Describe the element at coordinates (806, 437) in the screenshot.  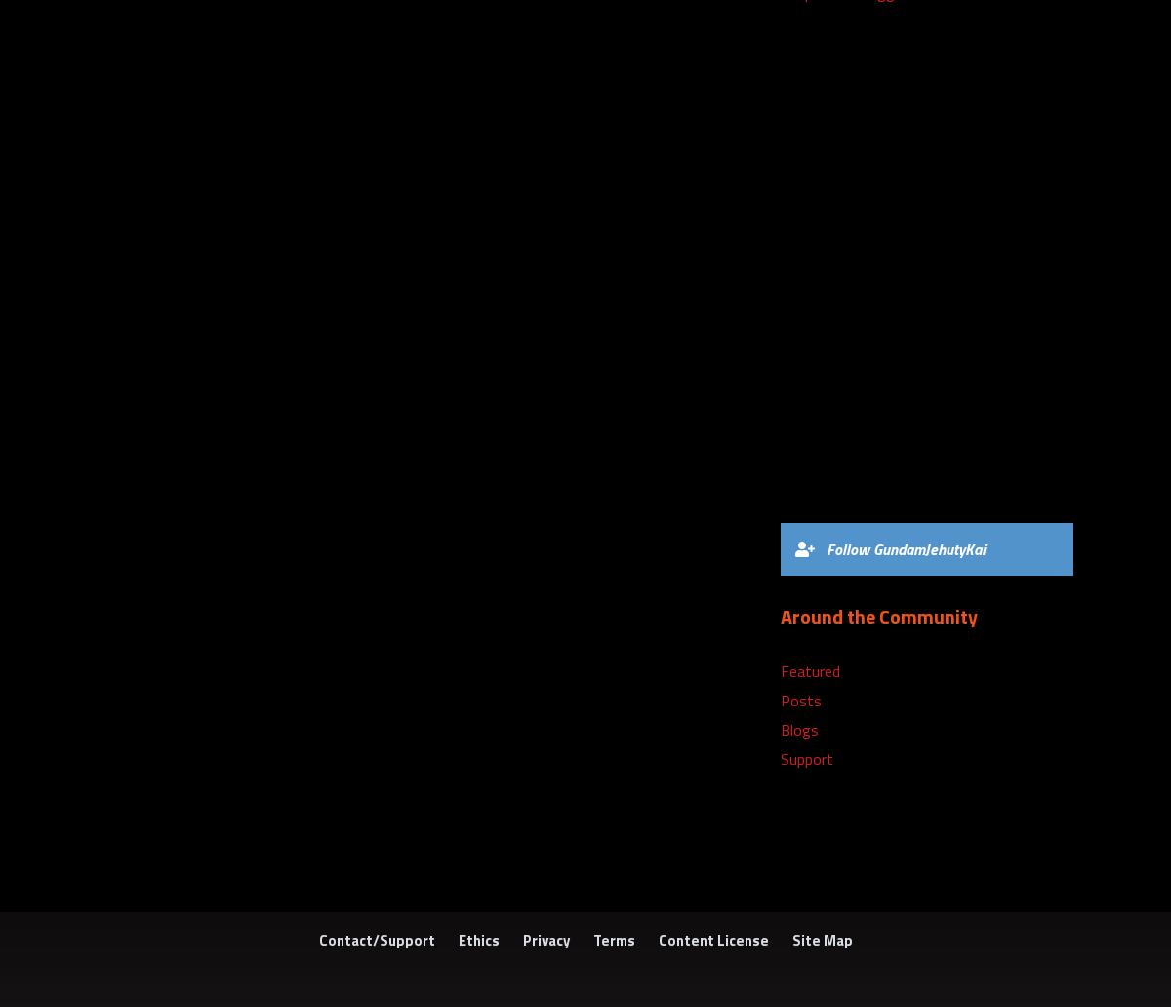
I see `'PSN ID:'` at that location.